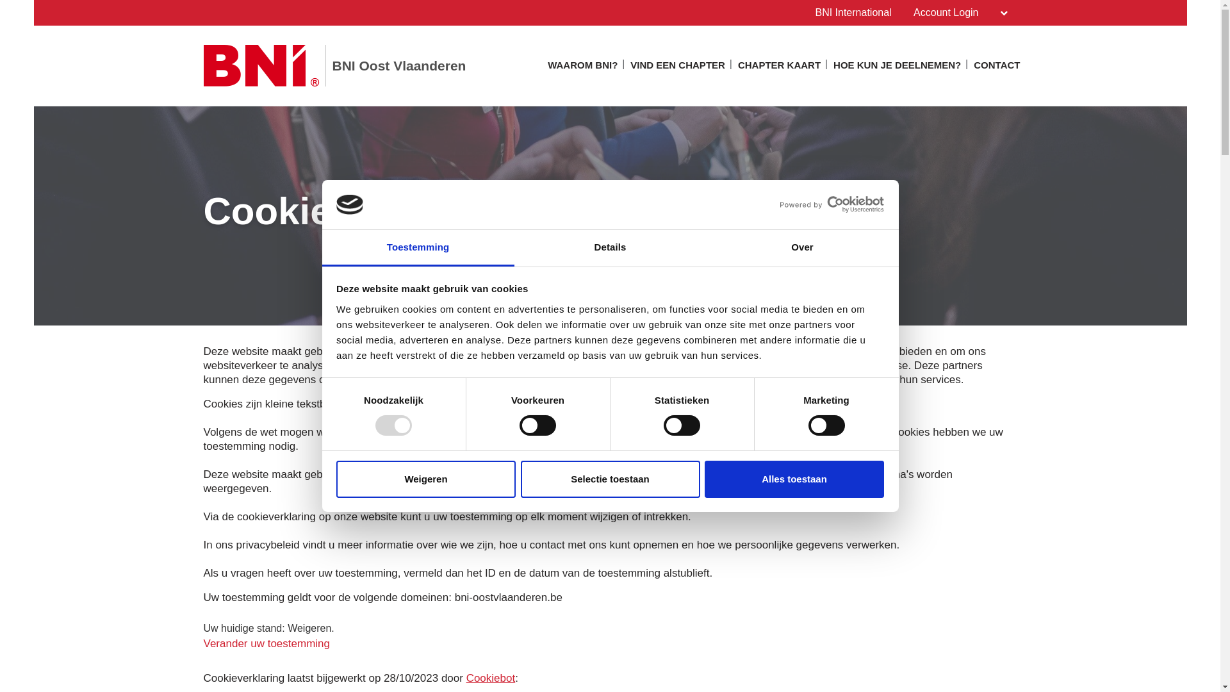  I want to click on 'HOE KUN JE DEELNEMEN?', so click(896, 69).